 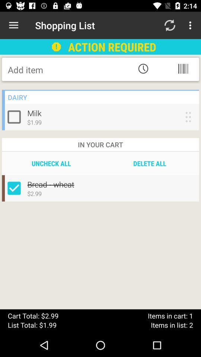 I want to click on the icon to the left of shopping list item, so click(x=13, y=25).